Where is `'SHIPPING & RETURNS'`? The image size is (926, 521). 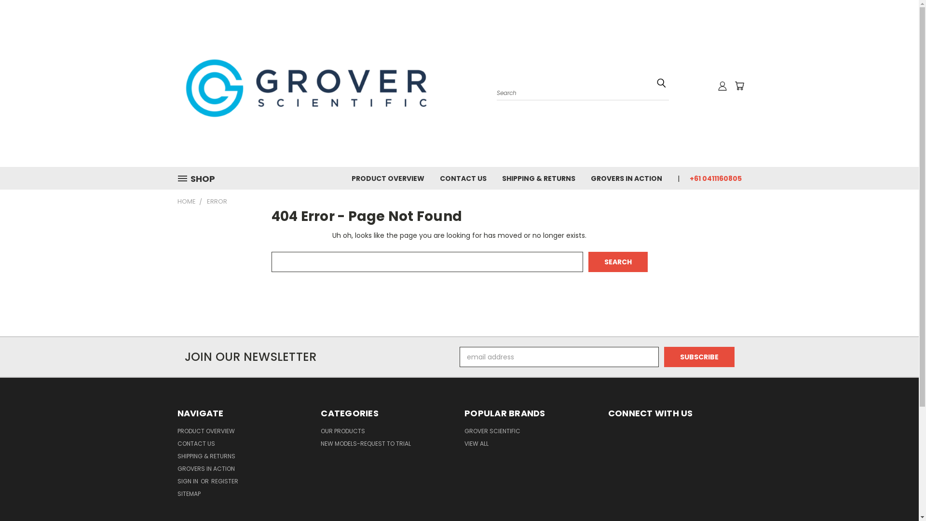 'SHIPPING & RETURNS' is located at coordinates (205, 457).